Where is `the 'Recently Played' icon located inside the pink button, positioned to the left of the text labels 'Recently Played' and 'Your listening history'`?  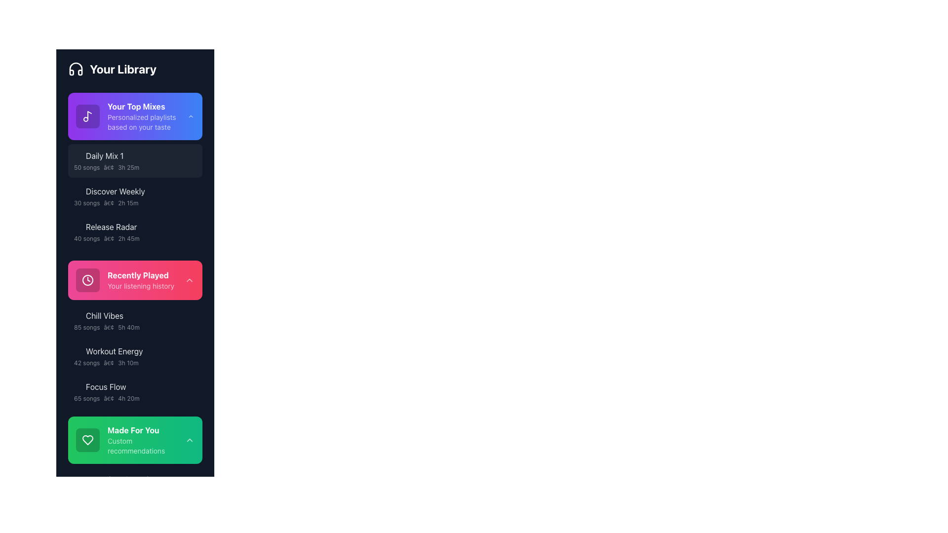 the 'Recently Played' icon located inside the pink button, positioned to the left of the text labels 'Recently Played' and 'Your listening history' is located at coordinates (87, 280).